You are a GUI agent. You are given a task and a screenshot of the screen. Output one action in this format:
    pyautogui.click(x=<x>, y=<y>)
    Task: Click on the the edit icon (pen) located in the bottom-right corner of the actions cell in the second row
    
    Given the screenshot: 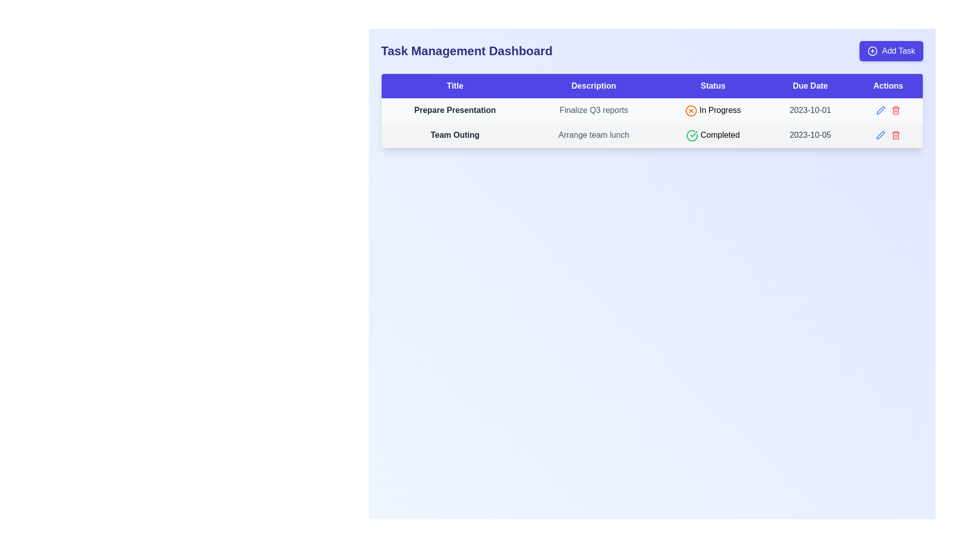 What is the action you would take?
    pyautogui.click(x=880, y=110)
    